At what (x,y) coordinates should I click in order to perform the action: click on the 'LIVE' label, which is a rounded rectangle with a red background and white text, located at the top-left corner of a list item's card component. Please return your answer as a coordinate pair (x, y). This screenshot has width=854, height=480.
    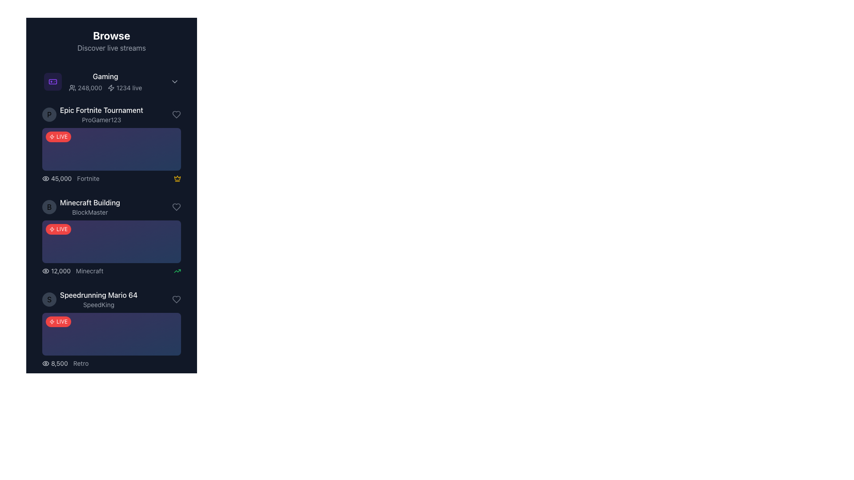
    Looking at the image, I should click on (58, 137).